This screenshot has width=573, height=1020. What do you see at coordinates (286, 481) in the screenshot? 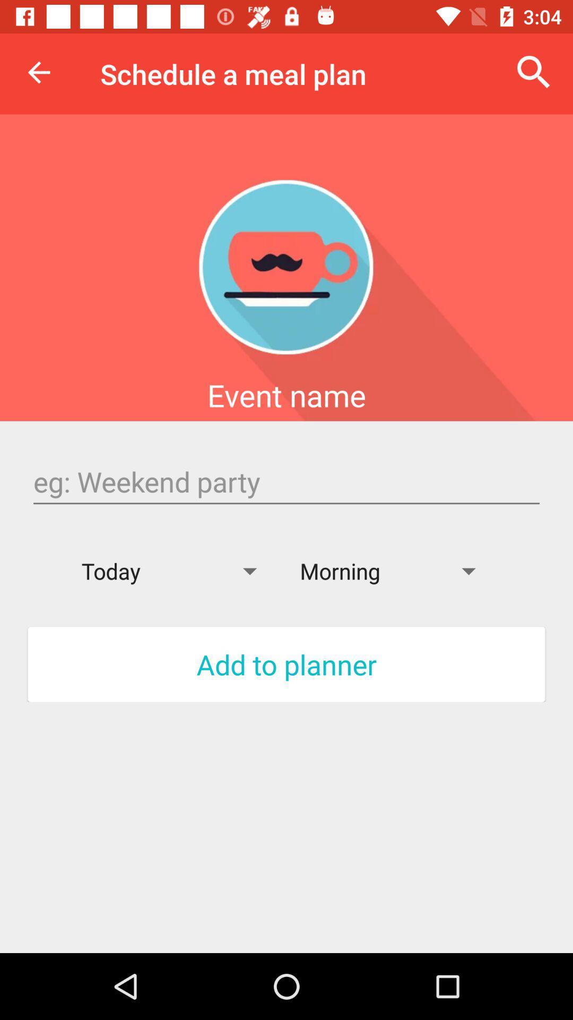
I see `event name` at bounding box center [286, 481].